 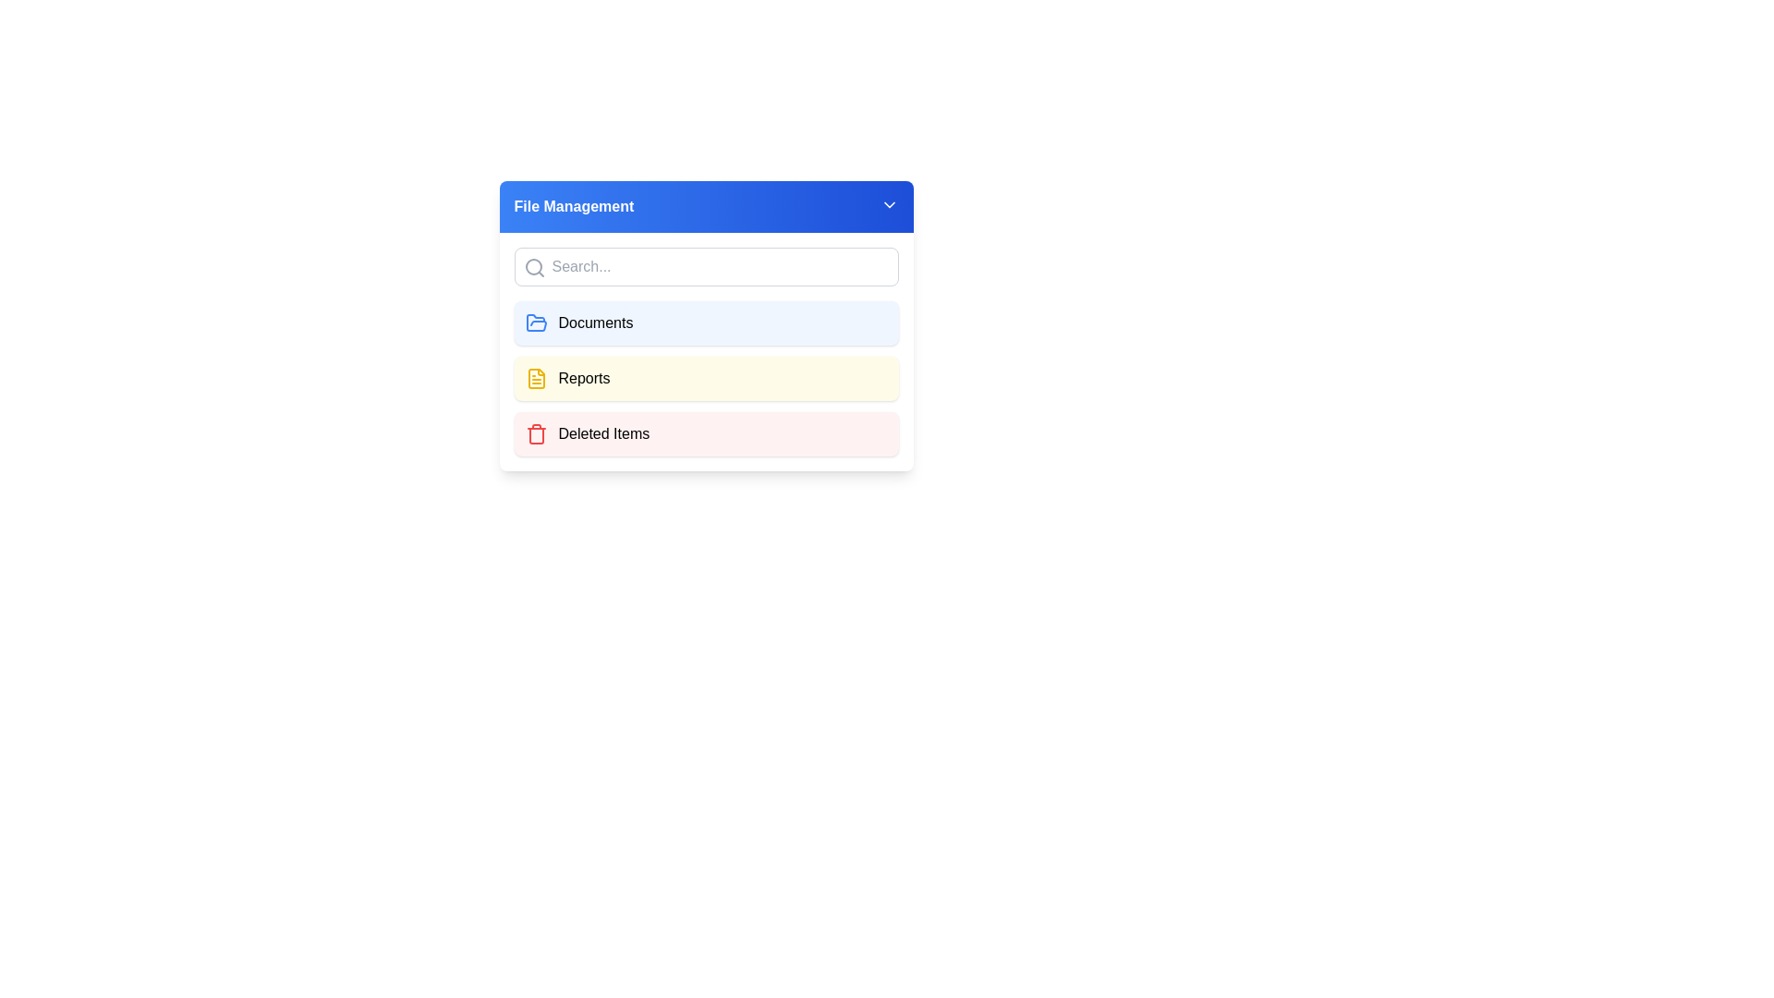 What do you see at coordinates (705, 434) in the screenshot?
I see `the third item in the vertically stacked list of options, which represents a menu item for accessing or managing deleted items` at bounding box center [705, 434].